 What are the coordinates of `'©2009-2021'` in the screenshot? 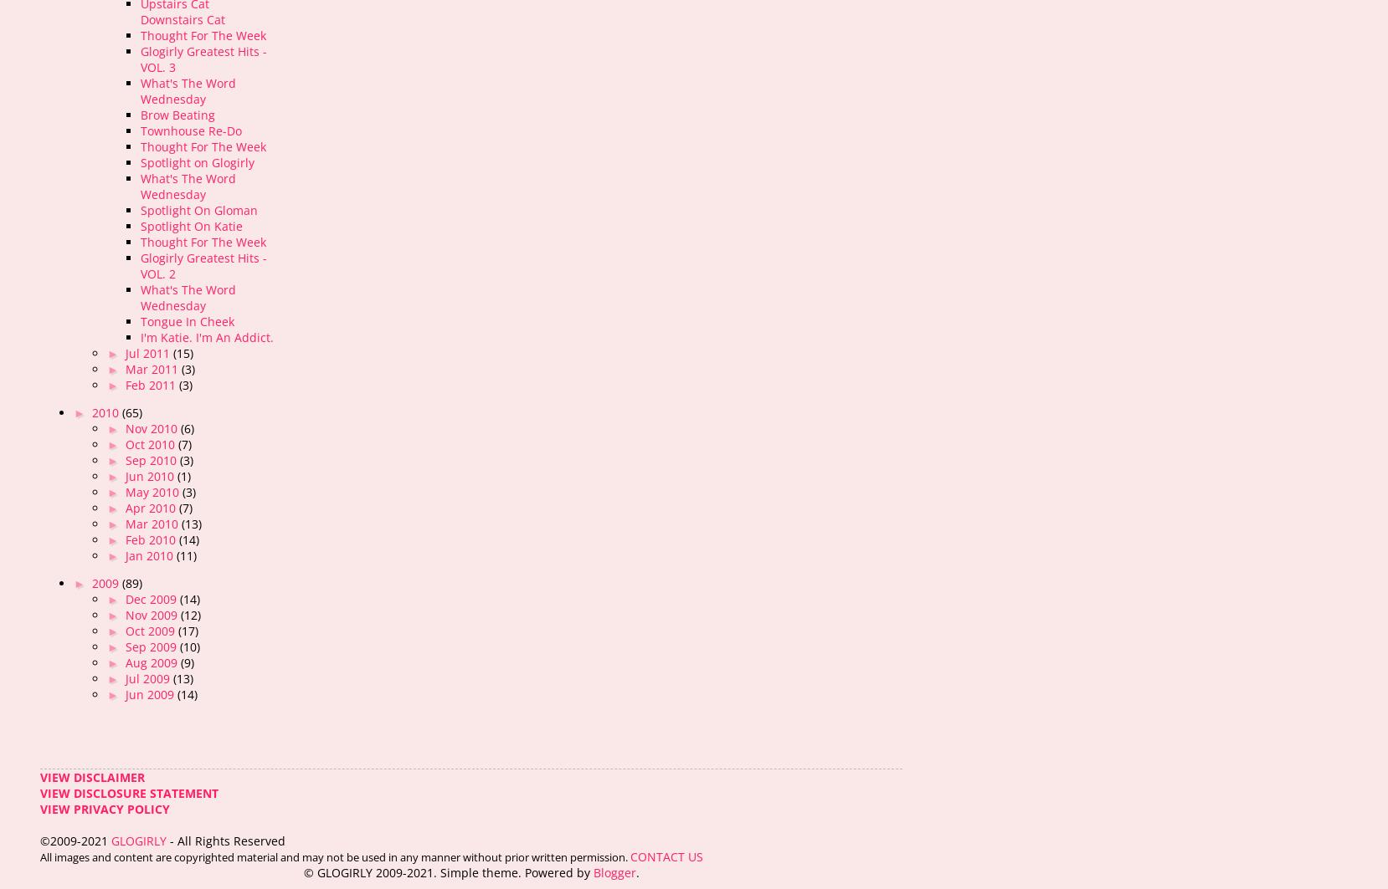 It's located at (39, 840).